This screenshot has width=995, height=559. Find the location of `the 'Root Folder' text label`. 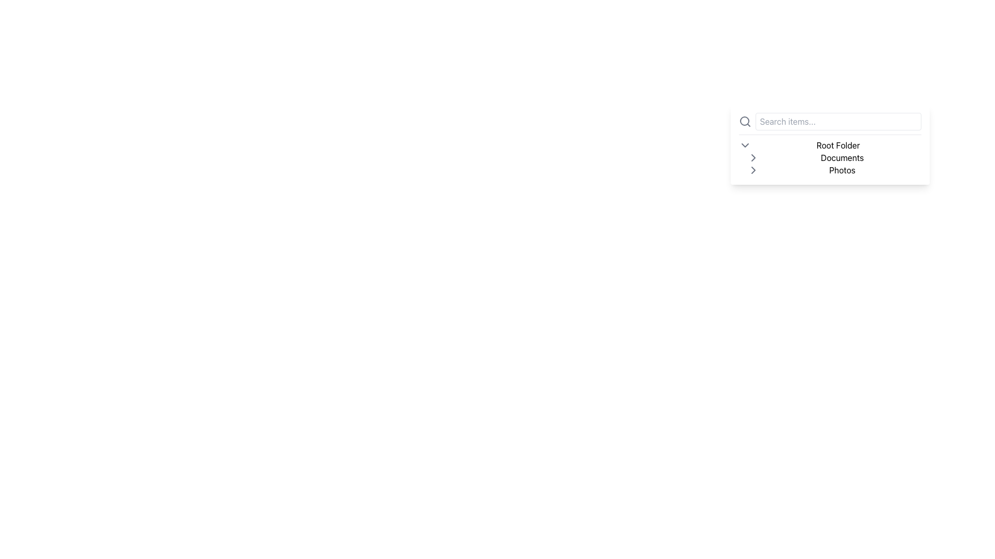

the 'Root Folder' text label is located at coordinates (830, 145).